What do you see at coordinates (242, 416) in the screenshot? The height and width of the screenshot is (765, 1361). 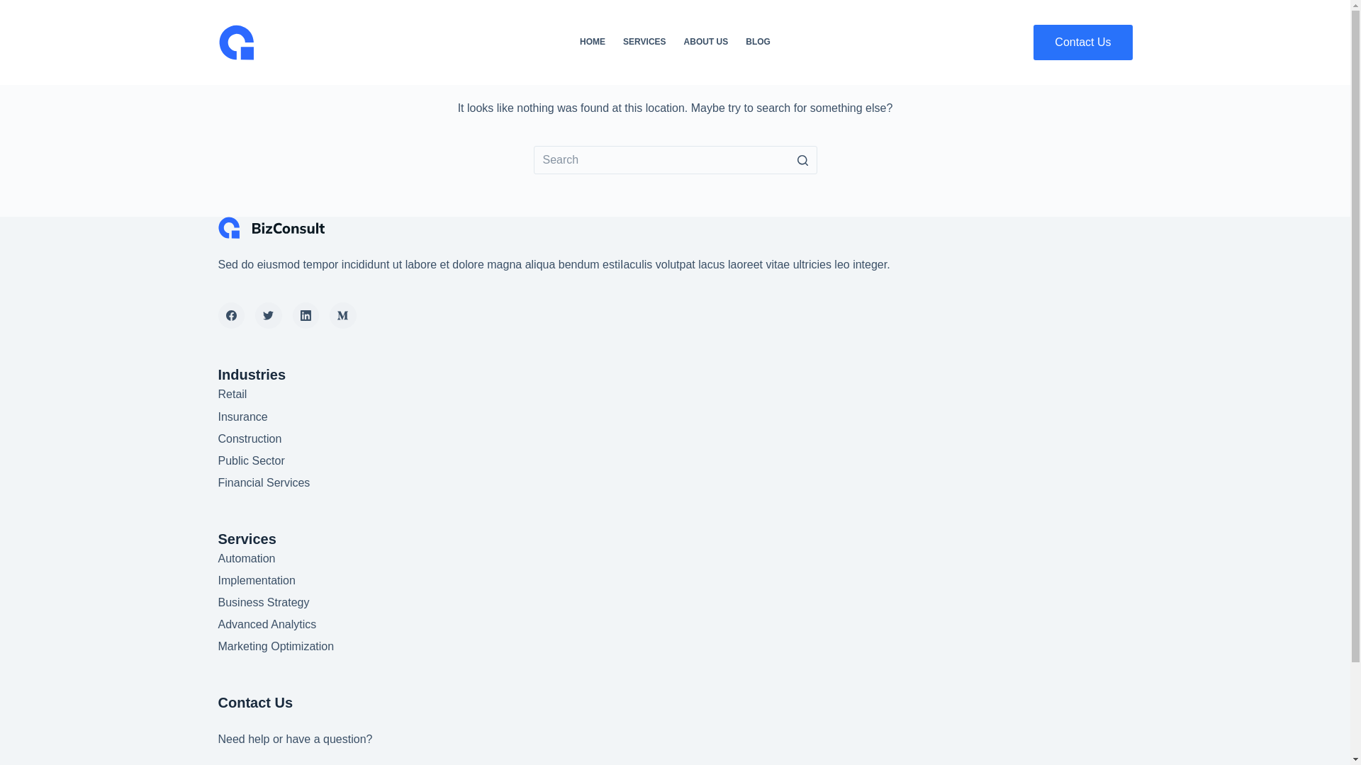 I see `'Insurance'` at bounding box center [242, 416].